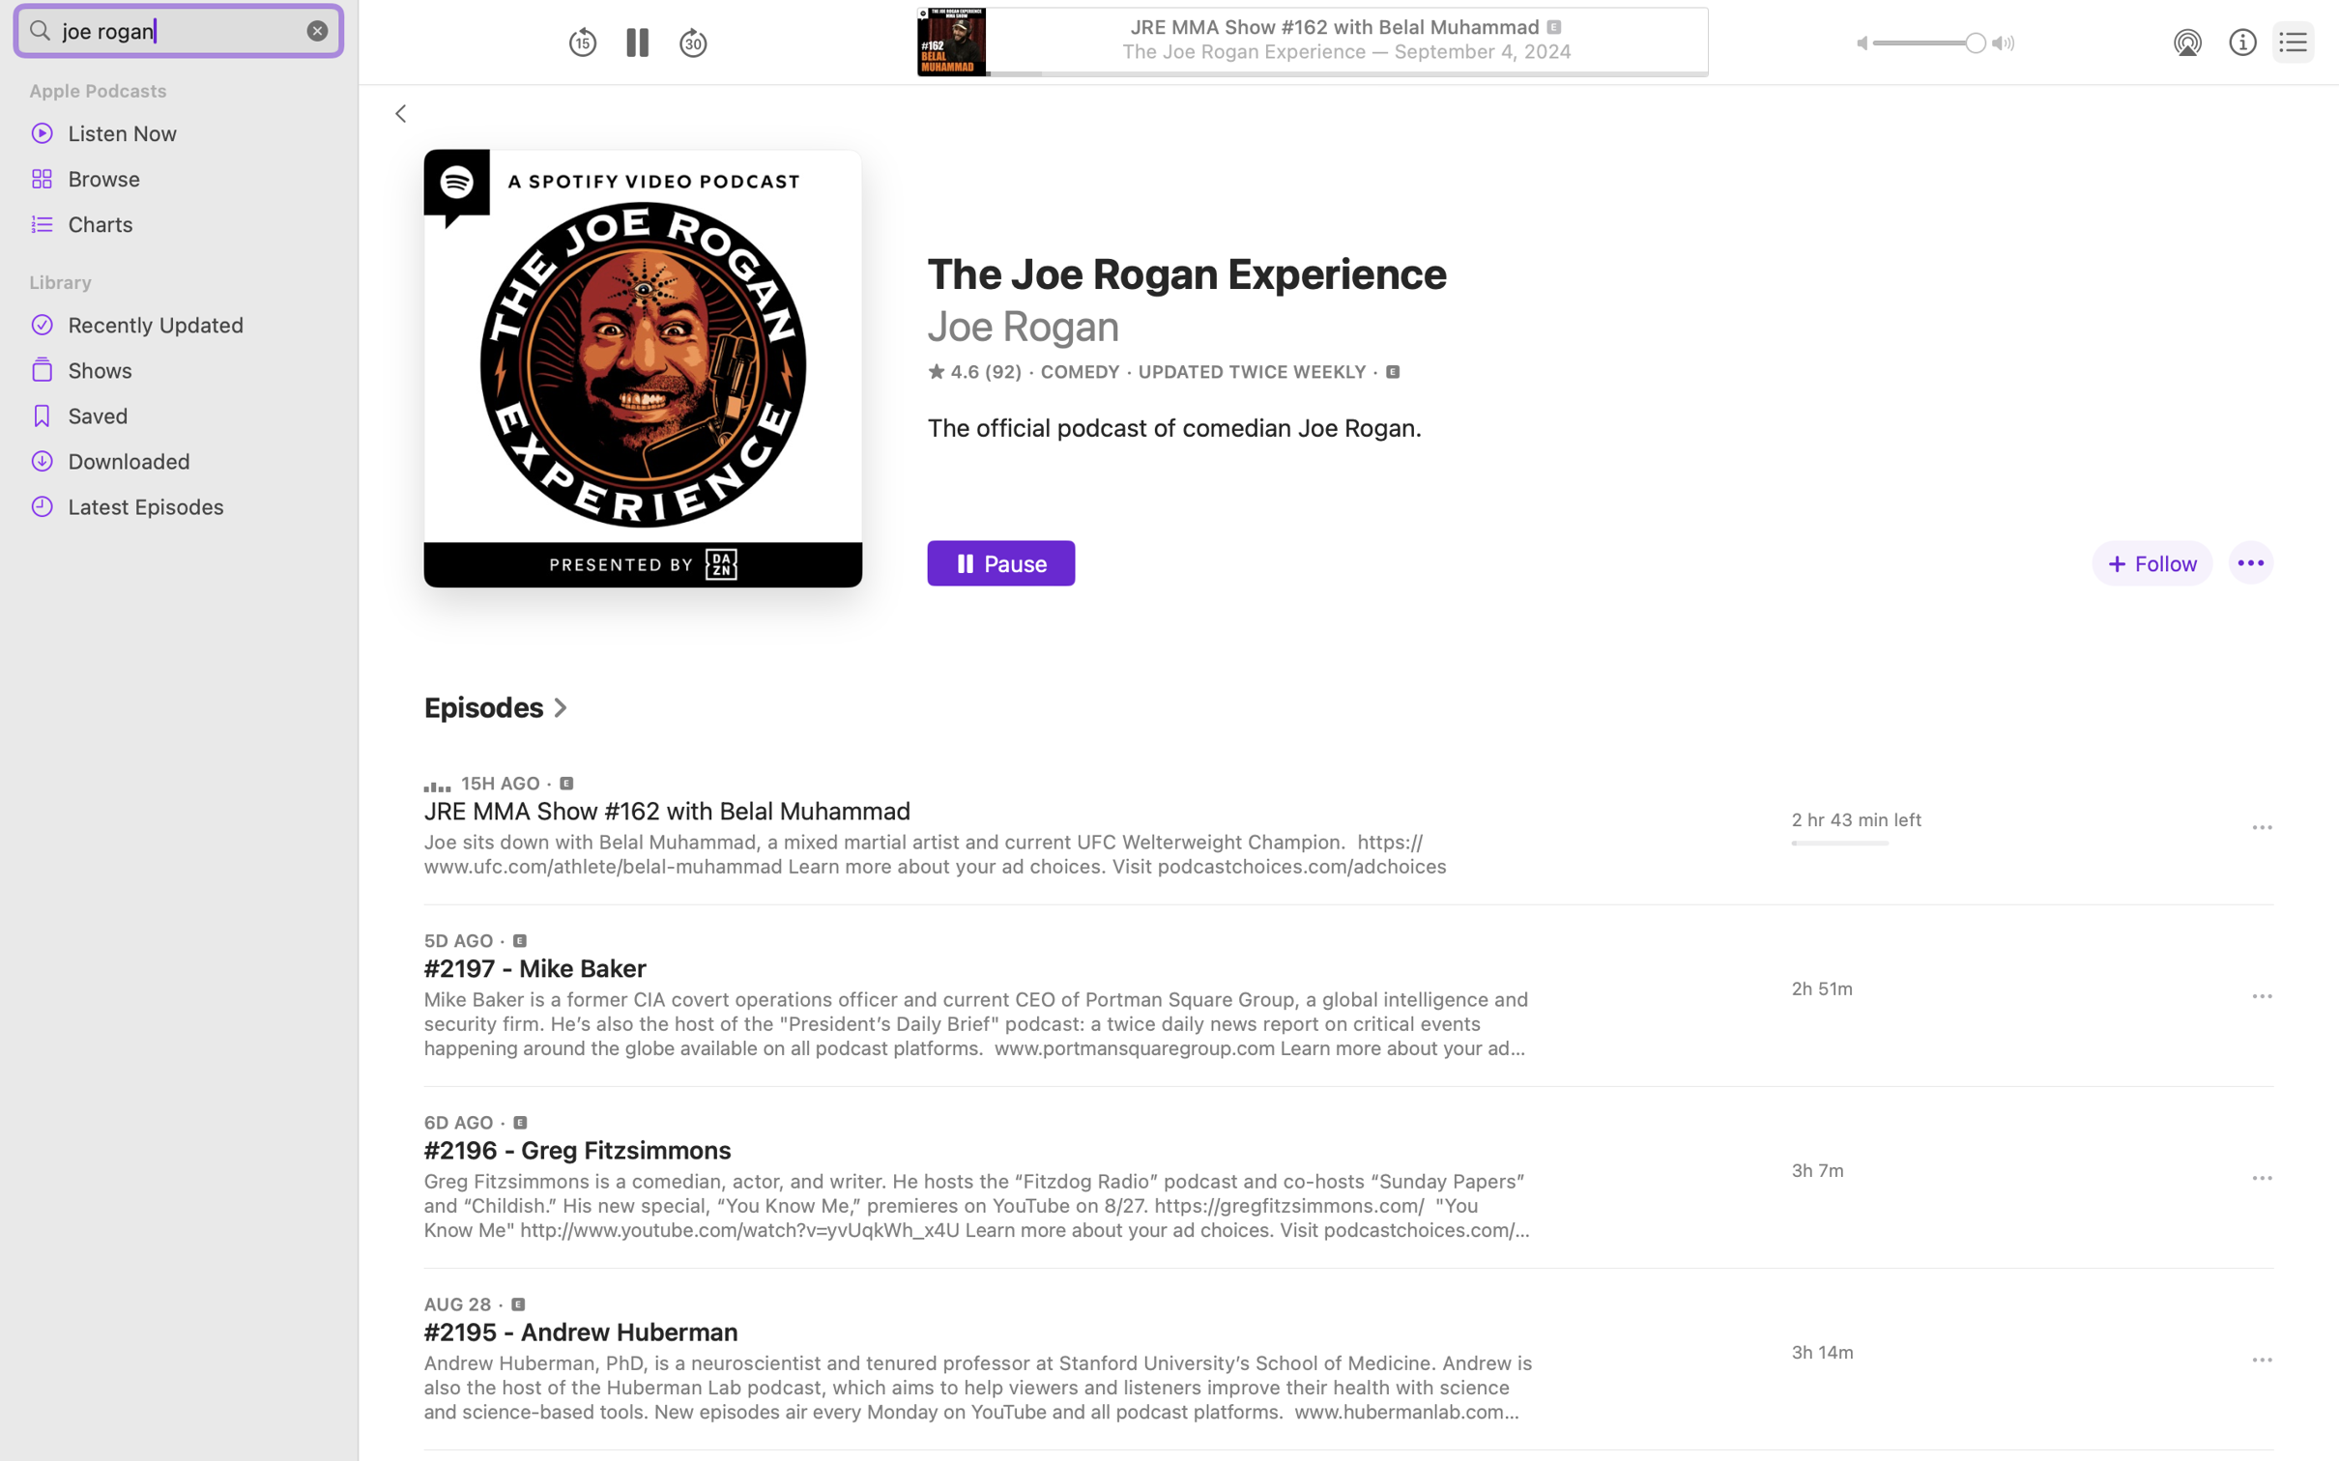 The height and width of the screenshot is (1461, 2339). What do you see at coordinates (179, 29) in the screenshot?
I see `'joe rogan'` at bounding box center [179, 29].